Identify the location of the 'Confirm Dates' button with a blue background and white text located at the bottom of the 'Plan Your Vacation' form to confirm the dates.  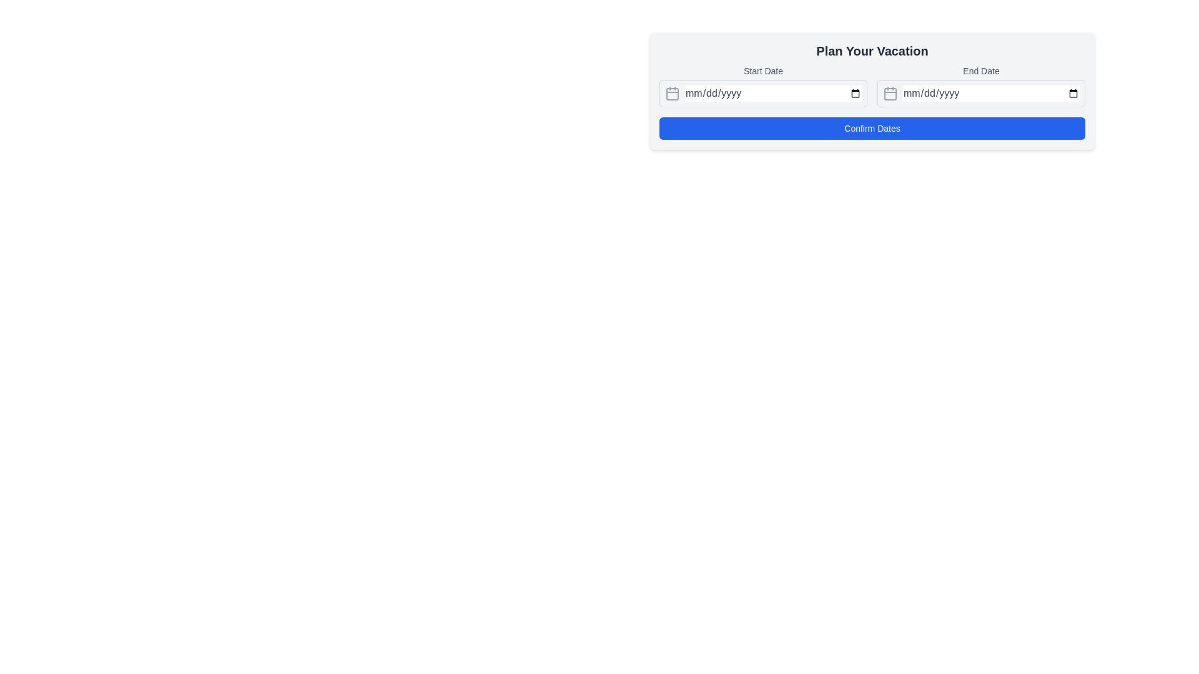
(871, 128).